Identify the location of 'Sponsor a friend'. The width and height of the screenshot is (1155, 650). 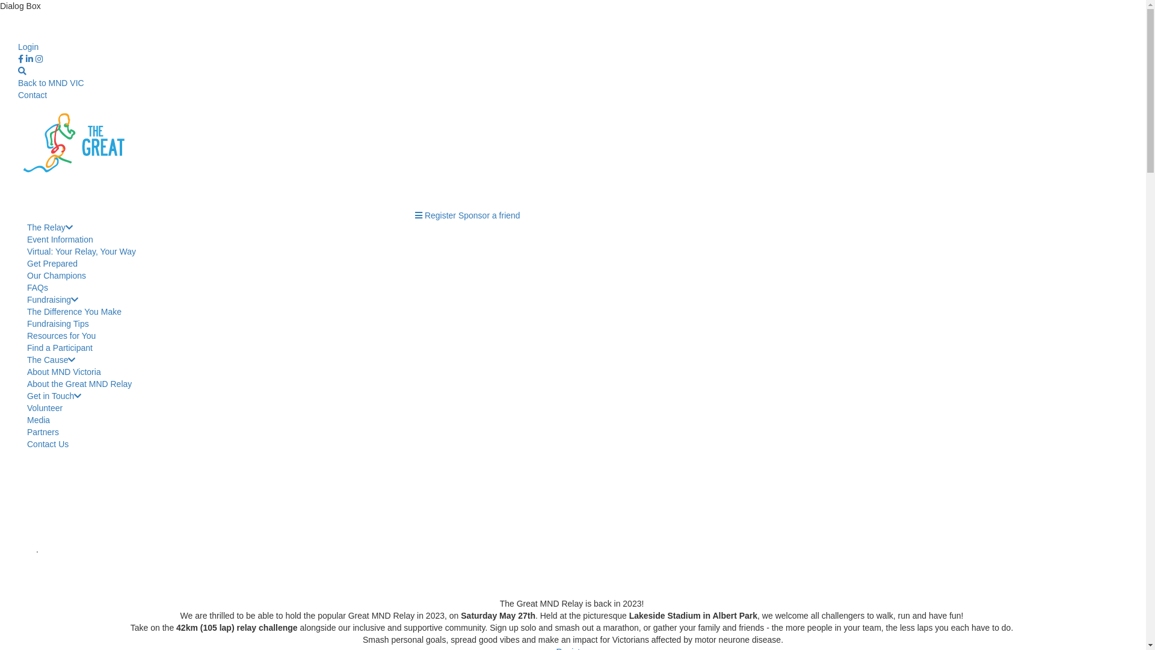
(489, 215).